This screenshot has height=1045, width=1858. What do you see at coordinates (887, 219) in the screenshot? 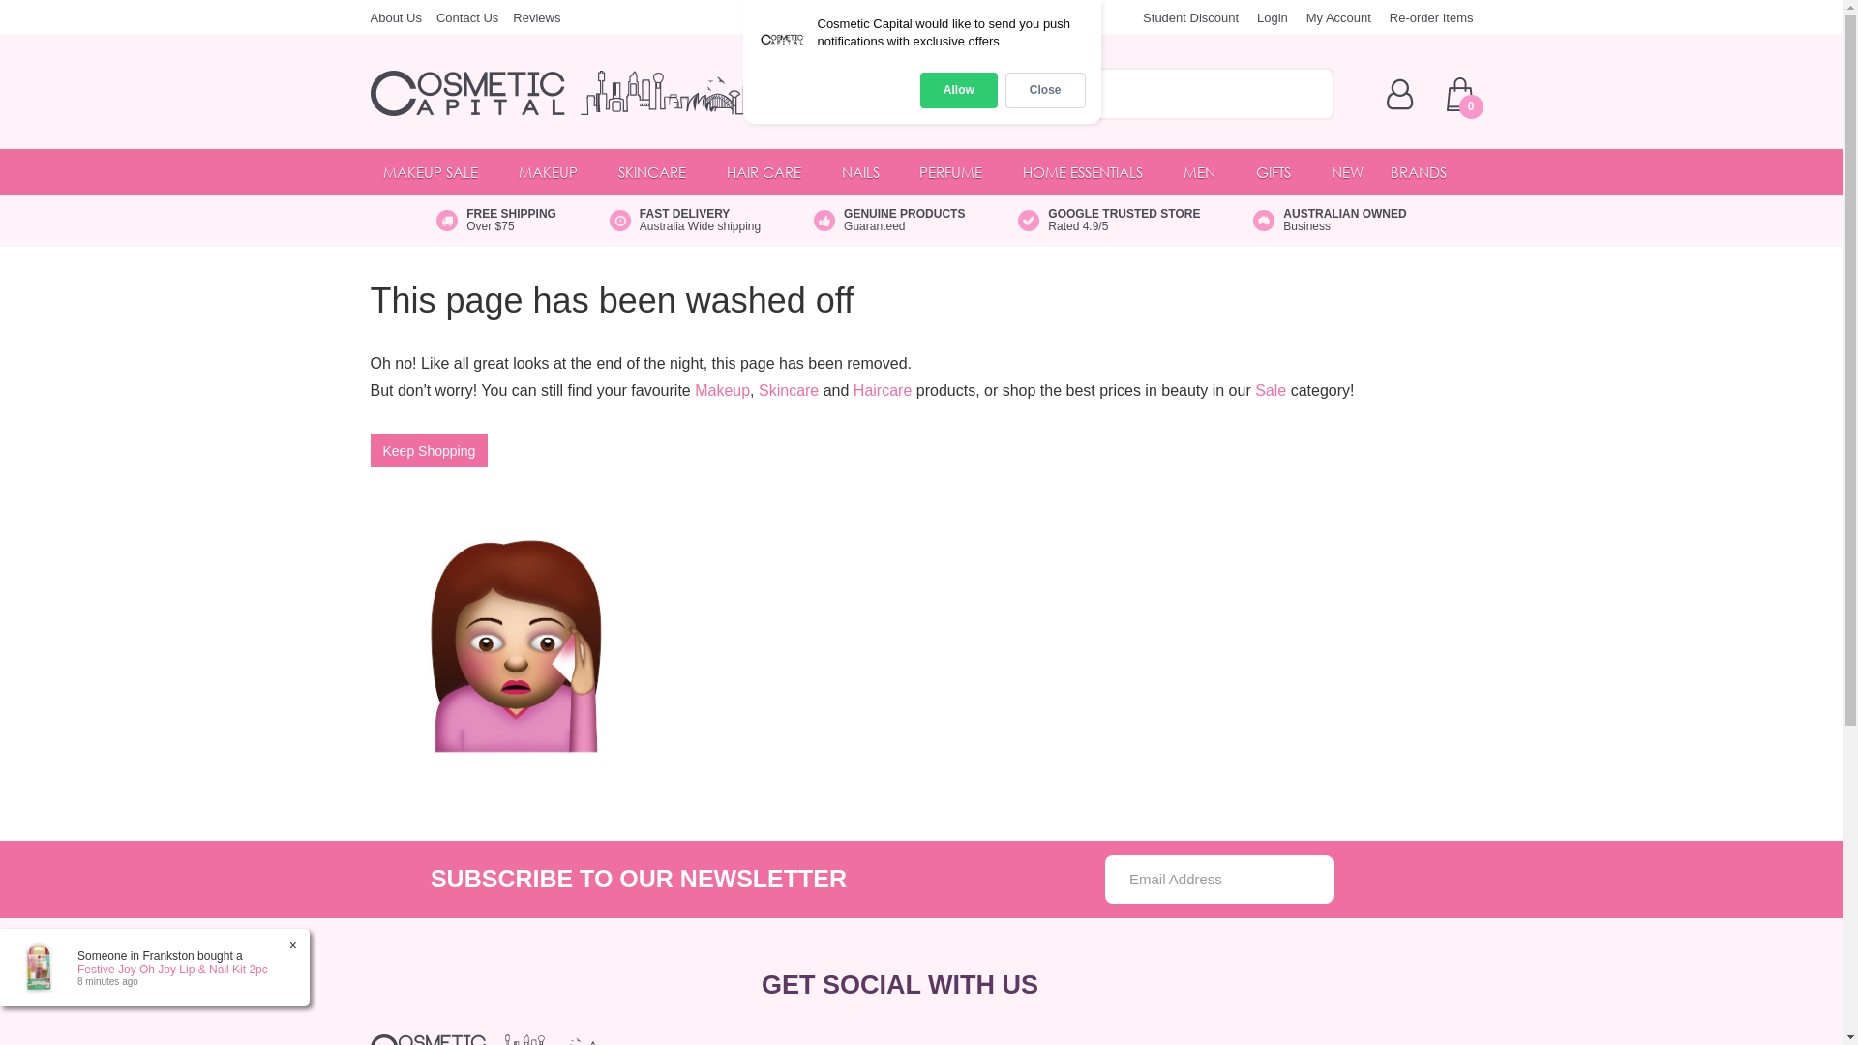
I see `'GENUINE PRODUCTS` at bounding box center [887, 219].